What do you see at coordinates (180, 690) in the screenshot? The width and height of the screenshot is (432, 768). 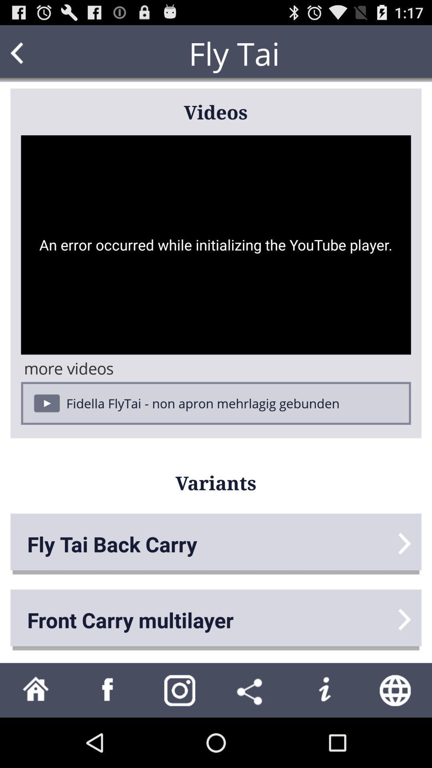 I see `photo` at bounding box center [180, 690].